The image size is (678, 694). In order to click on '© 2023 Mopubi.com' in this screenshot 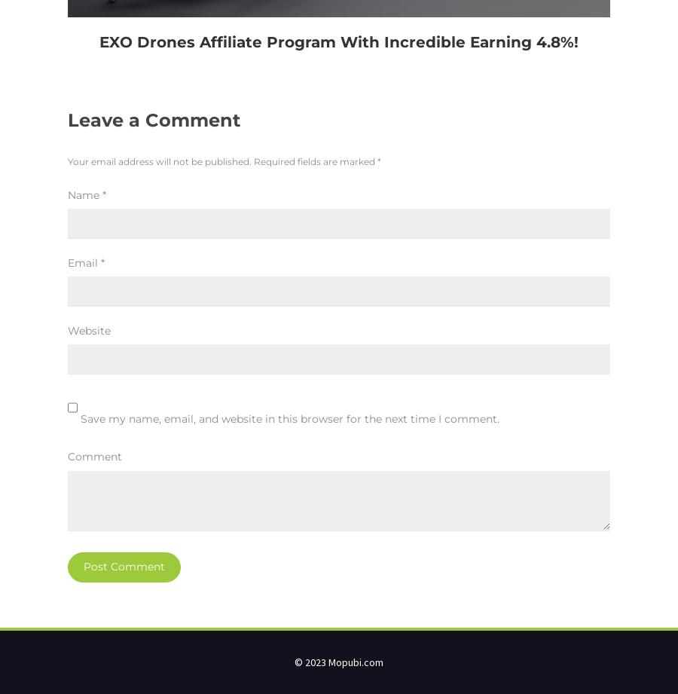, I will do `click(339, 660)`.